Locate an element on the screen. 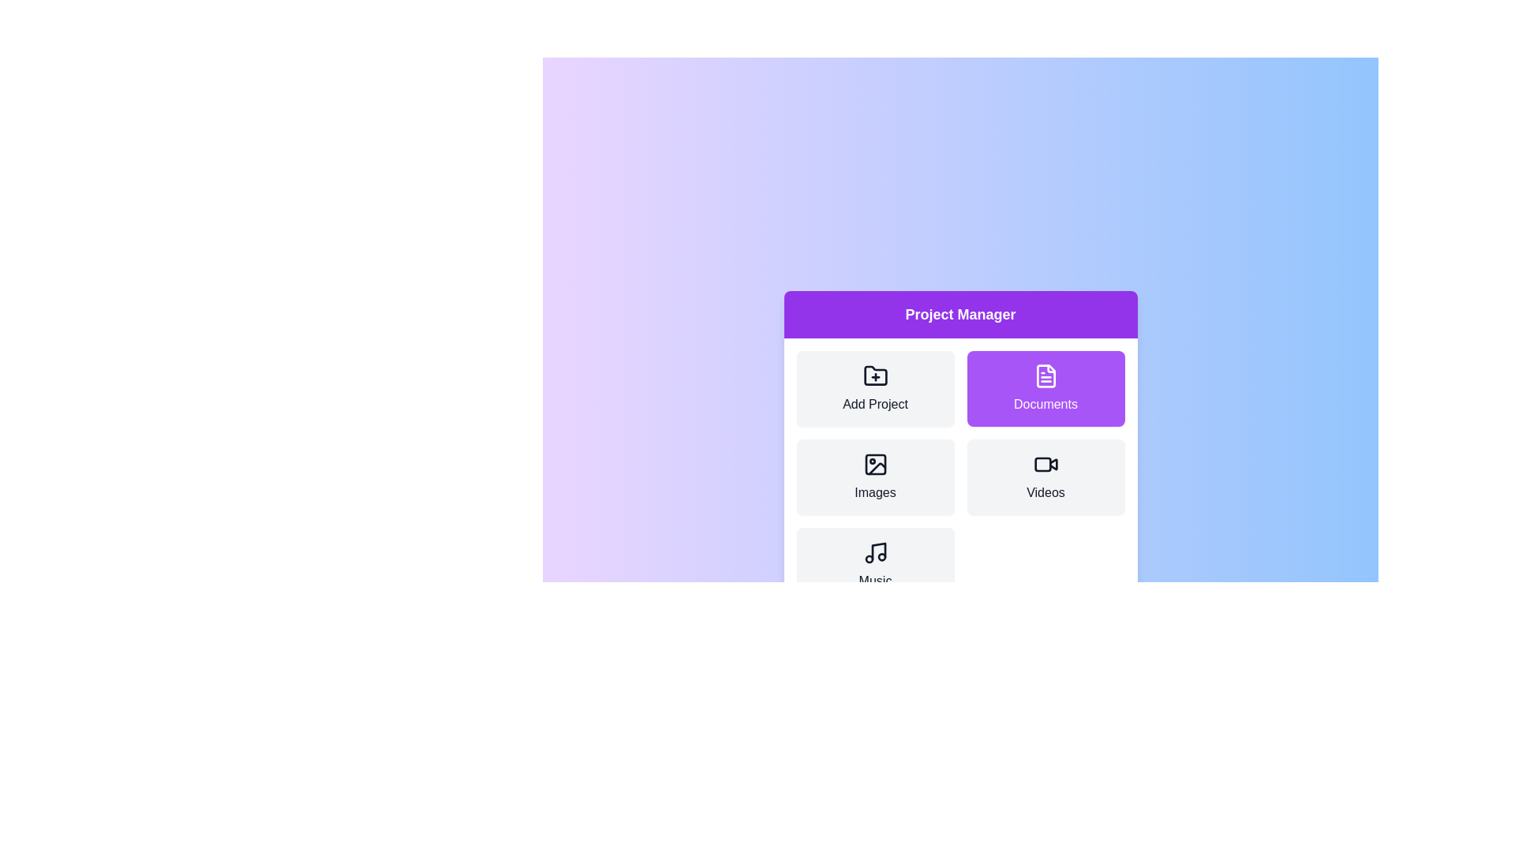 This screenshot has width=1515, height=852. the category Videos to inspect the visual feedback is located at coordinates (1046, 476).